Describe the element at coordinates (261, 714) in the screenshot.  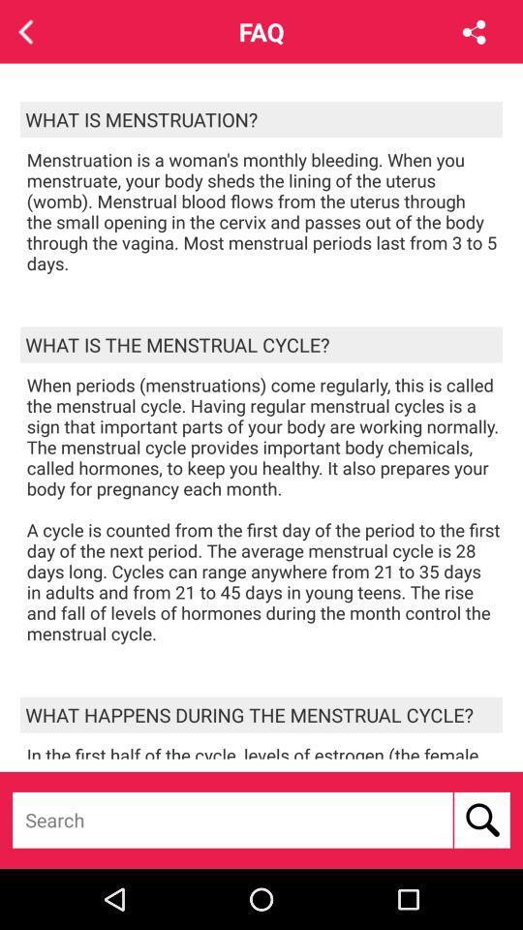
I see `the what happens during icon` at that location.